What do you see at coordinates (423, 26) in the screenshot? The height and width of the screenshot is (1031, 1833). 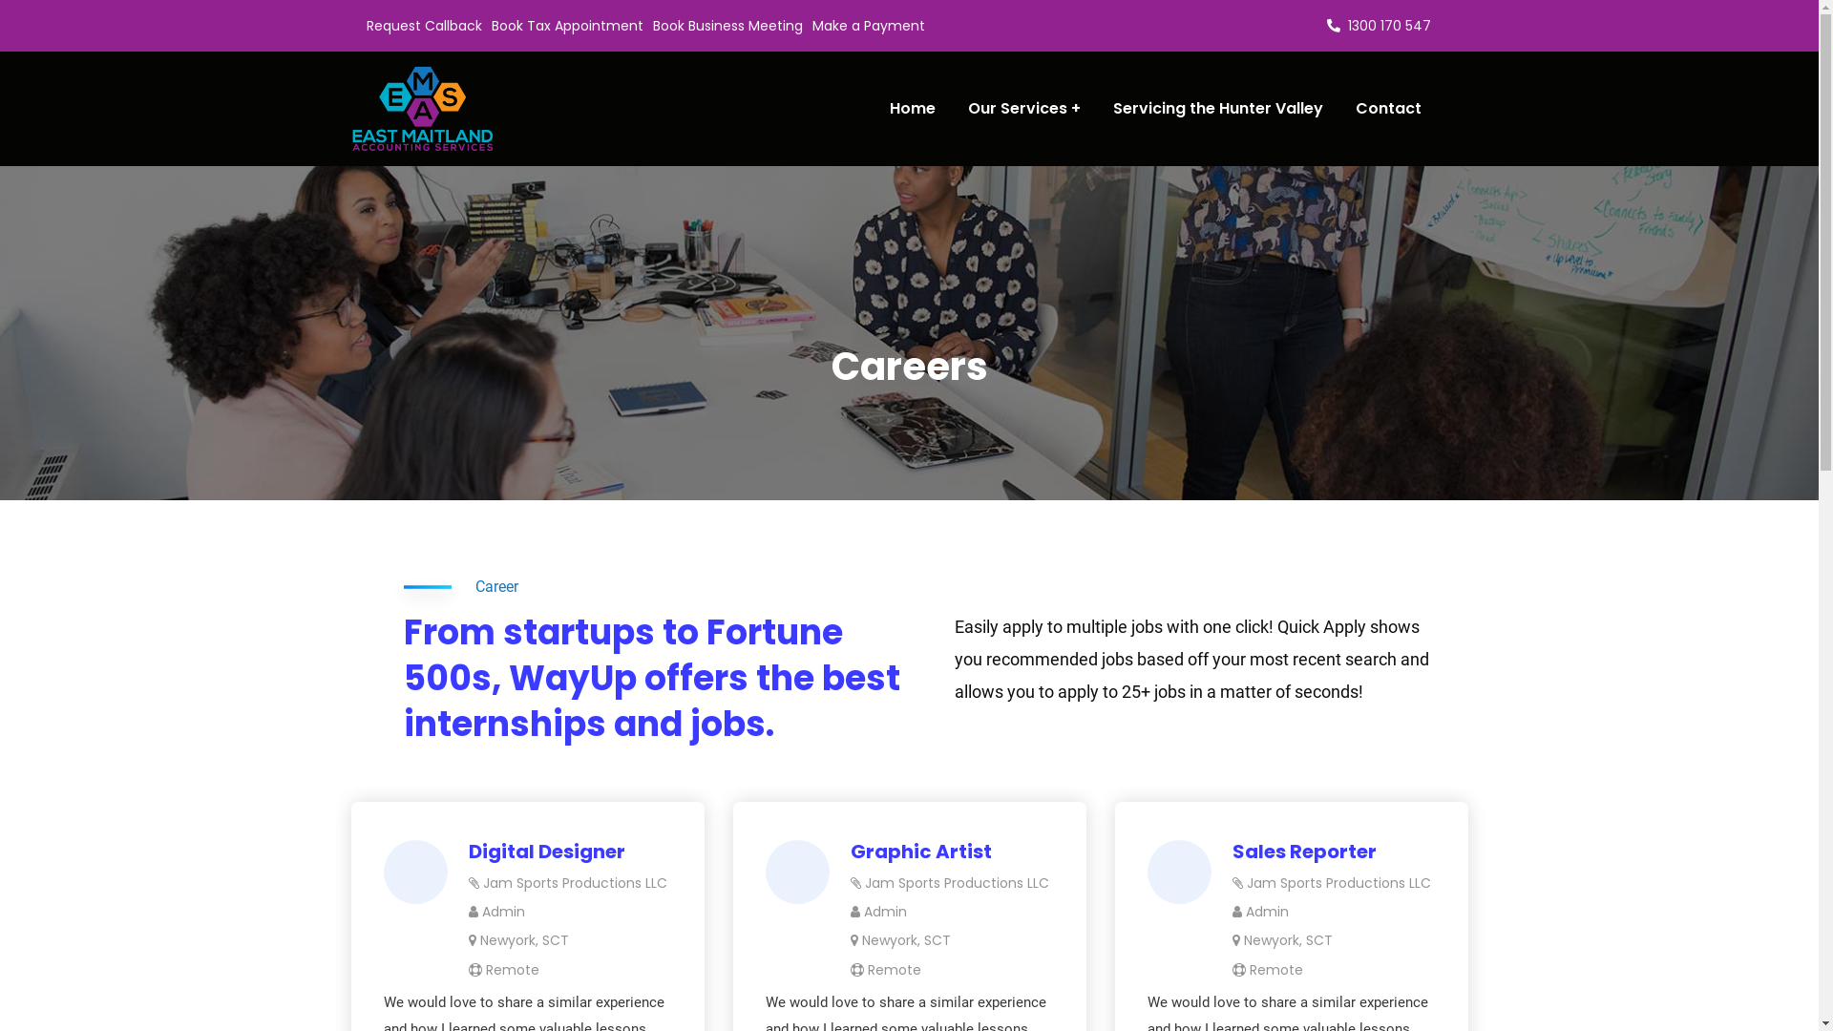 I see `'Request Callback'` at bounding box center [423, 26].